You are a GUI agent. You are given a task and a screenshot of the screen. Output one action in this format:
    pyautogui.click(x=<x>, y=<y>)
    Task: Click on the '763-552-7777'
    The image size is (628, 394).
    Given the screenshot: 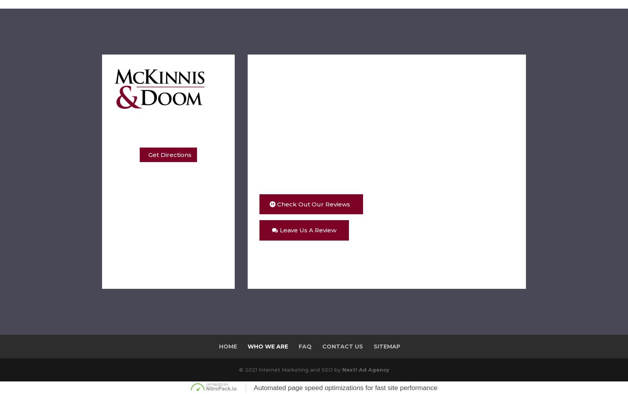 What is the action you would take?
    pyautogui.click(x=157, y=270)
    